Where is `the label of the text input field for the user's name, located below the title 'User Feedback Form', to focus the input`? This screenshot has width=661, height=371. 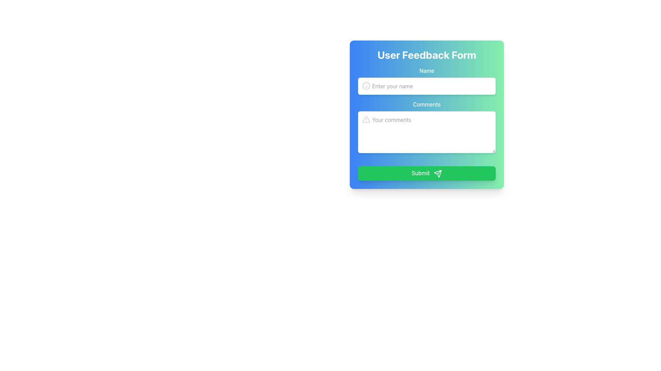
the label of the text input field for the user's name, located below the title 'User Feedback Form', to focus the input is located at coordinates (426, 80).